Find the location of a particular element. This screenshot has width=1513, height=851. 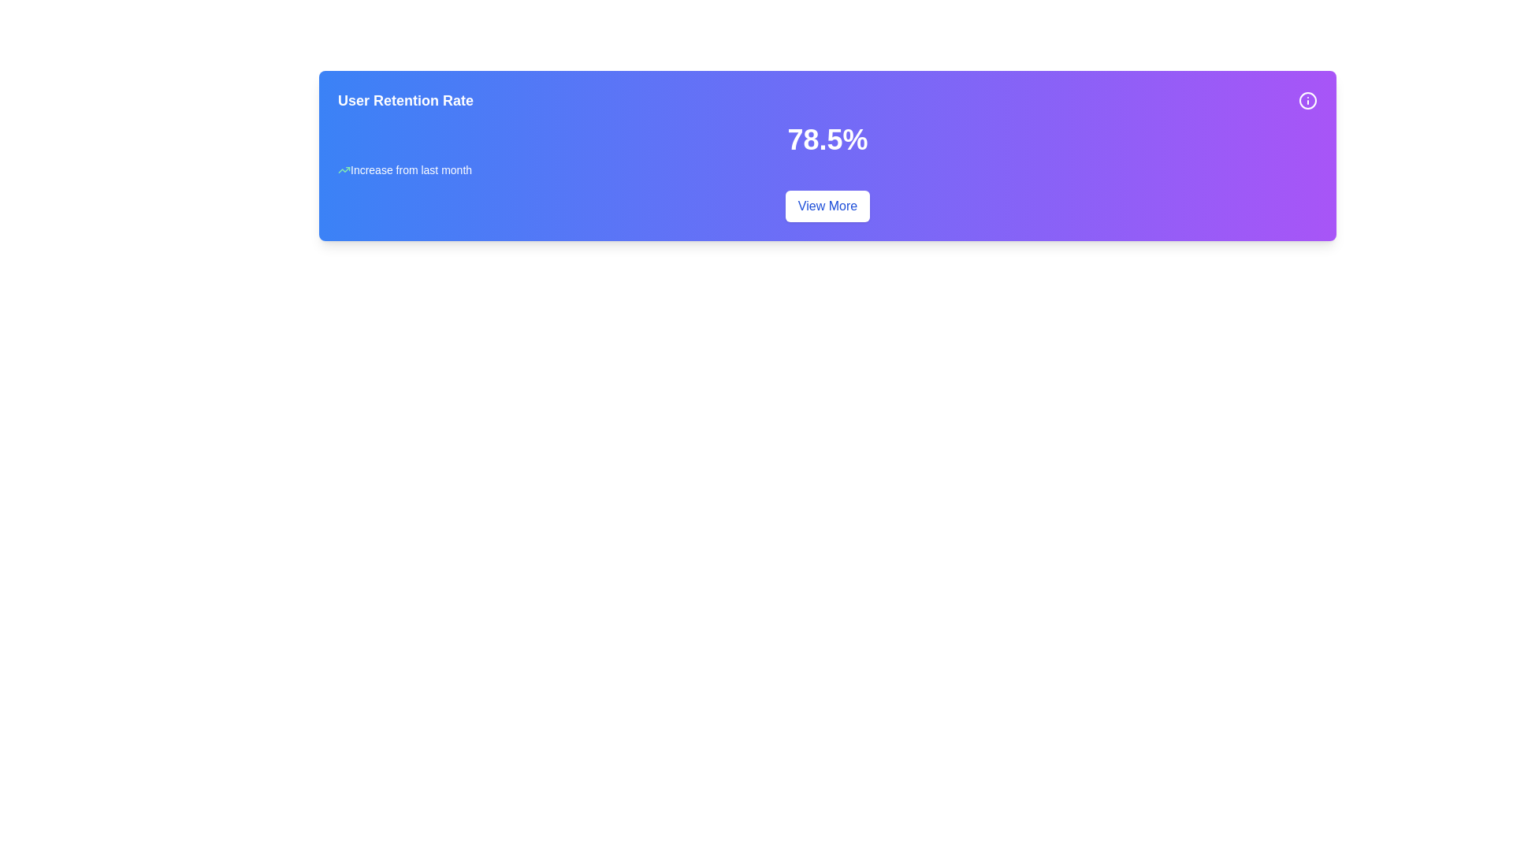

the informational UI component displaying the performance metric '78.5%' with the text 'Increase from last month' beneath it, which is centrally located within its card UI is located at coordinates (827, 151).